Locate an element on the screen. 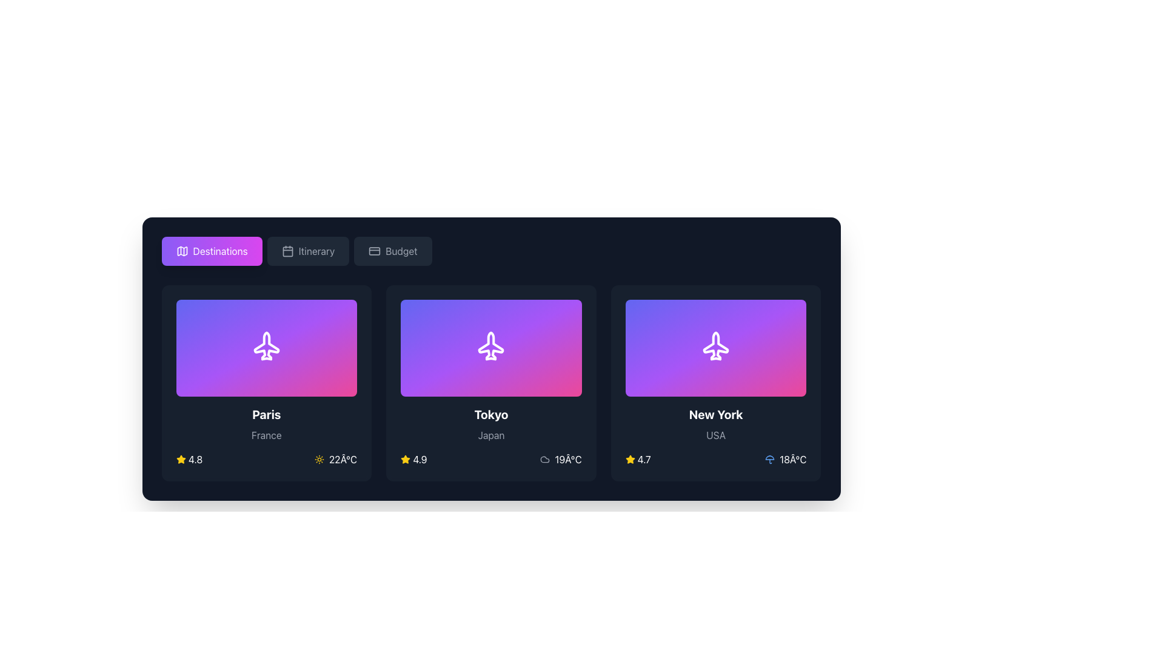 This screenshot has width=1164, height=654. temperature of '19°C' and the corresponding weather condition icon displayed in the informational label for the 'Tokyo' card, located at the bottom-right section of the card is located at coordinates (560, 460).